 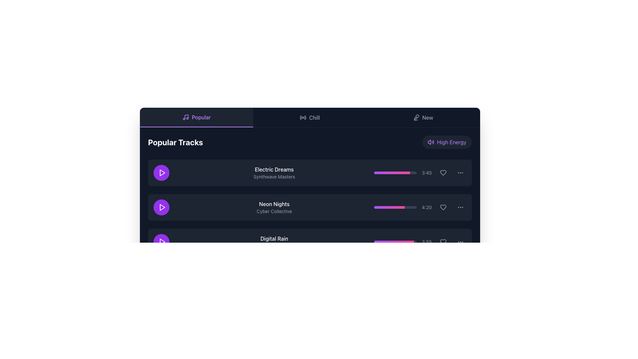 I want to click on the text label displaying 'Neon Nights', so click(x=274, y=203).